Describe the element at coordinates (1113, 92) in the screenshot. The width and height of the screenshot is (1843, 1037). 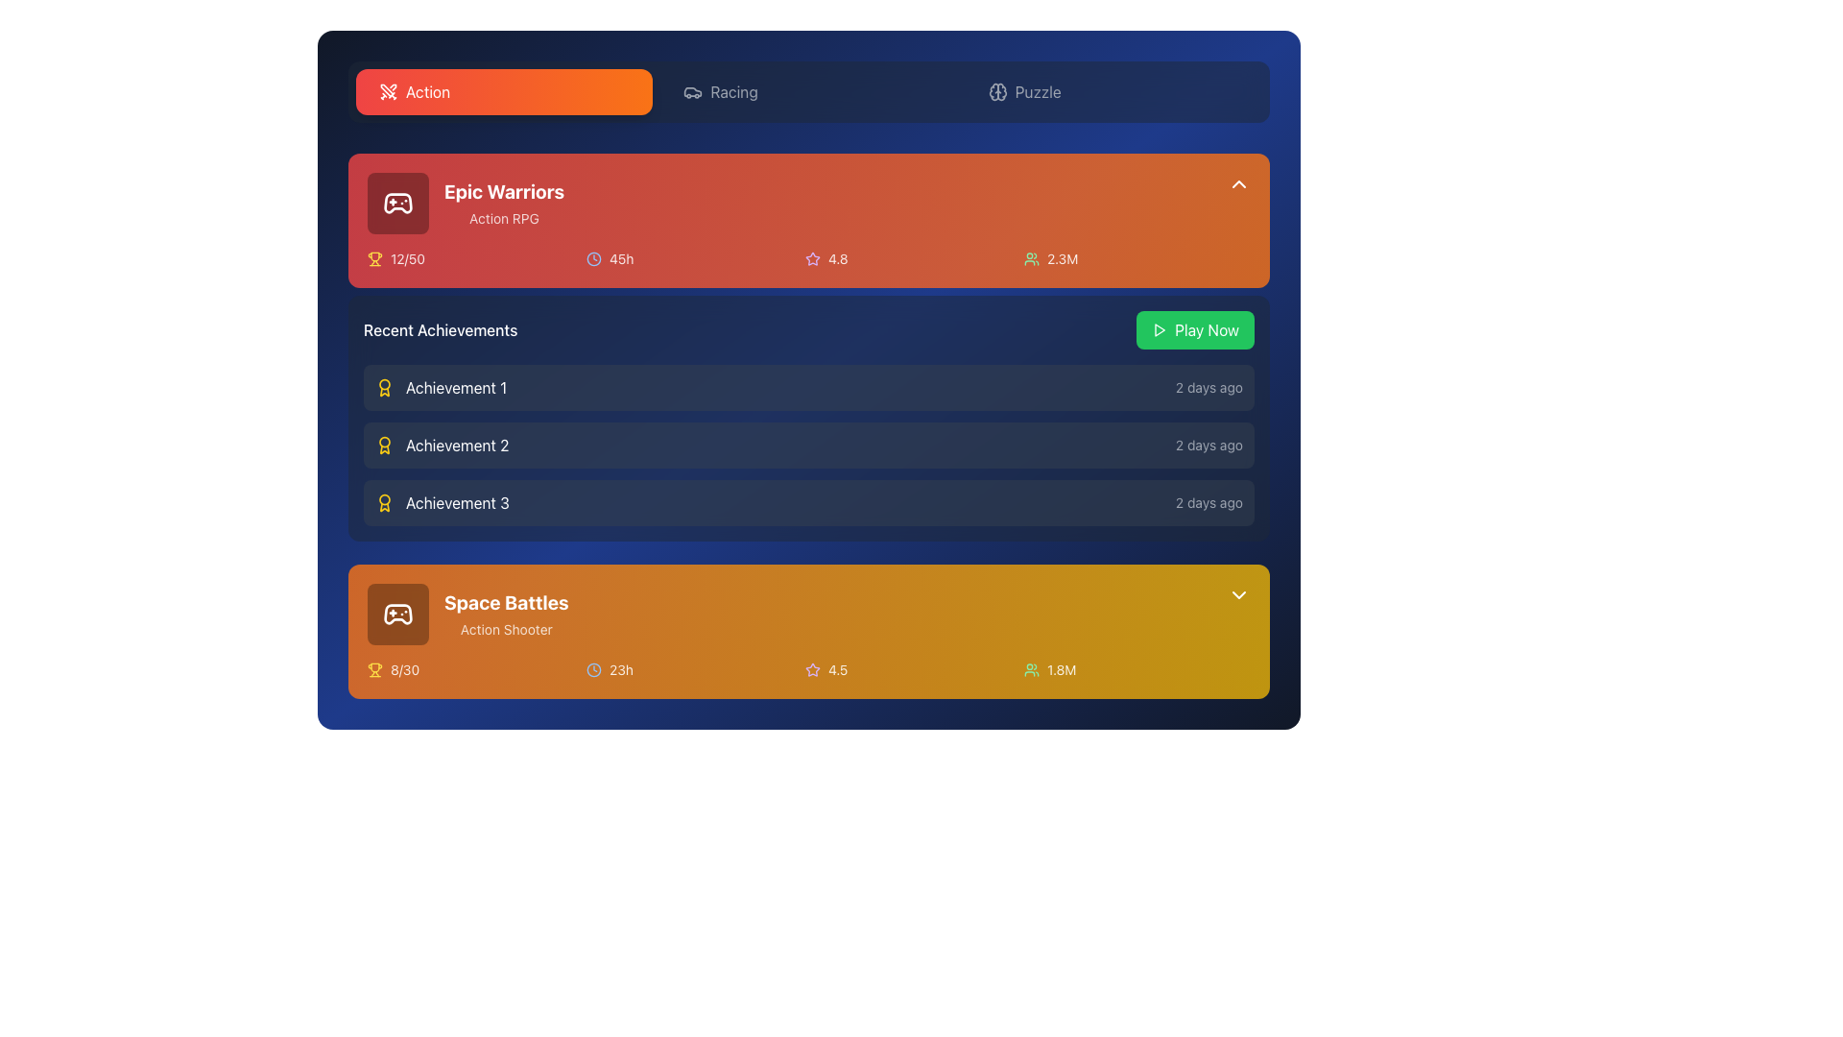
I see `the third navigation button labeled 'Puzzle' located at the top of the interface to observe visual feedback` at that location.